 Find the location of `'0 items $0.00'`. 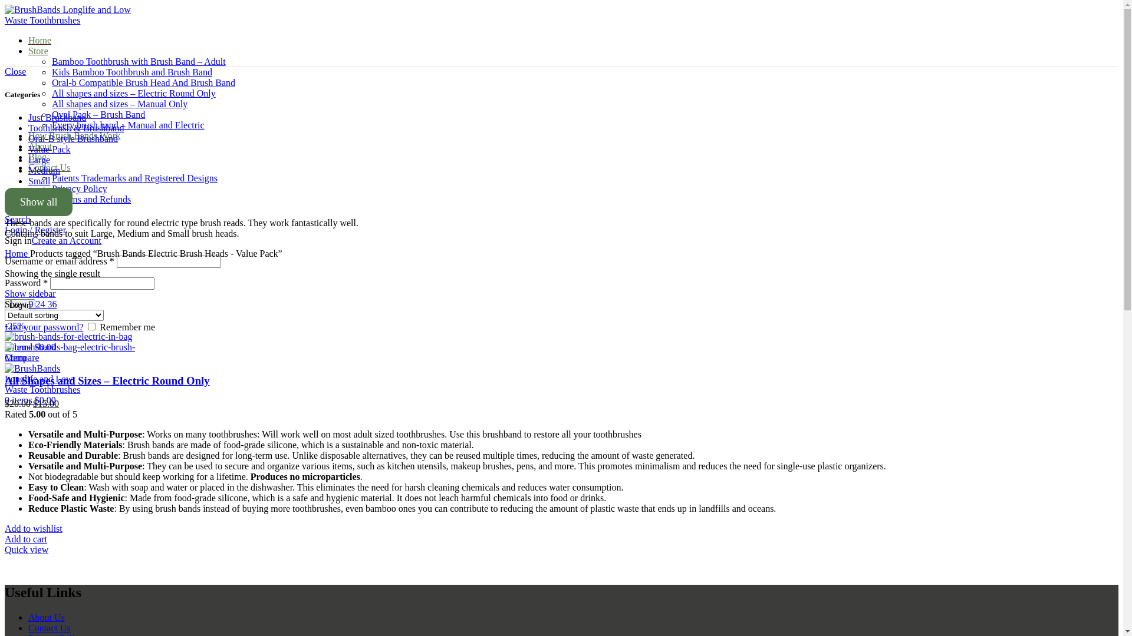

'0 items $0.00' is located at coordinates (30, 399).